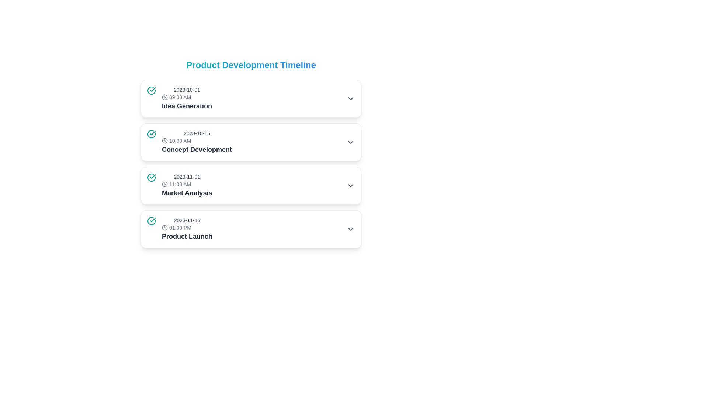  Describe the element at coordinates (164, 140) in the screenshot. I see `icon that indicates the time associated with the '2023-10-15 Concept Development' entry, located to the left of the text '10:00 AM'` at that location.